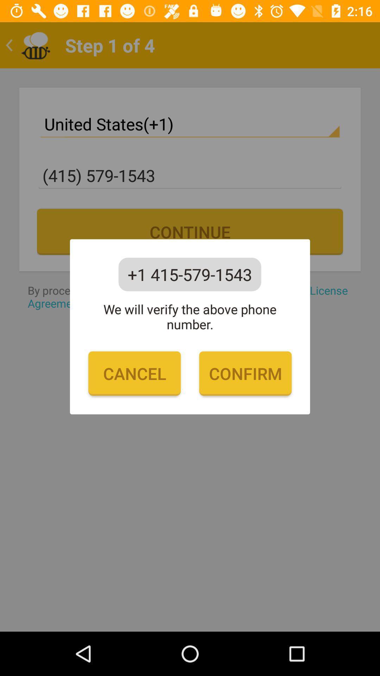  Describe the element at coordinates (245, 373) in the screenshot. I see `the item next to the cancel icon` at that location.